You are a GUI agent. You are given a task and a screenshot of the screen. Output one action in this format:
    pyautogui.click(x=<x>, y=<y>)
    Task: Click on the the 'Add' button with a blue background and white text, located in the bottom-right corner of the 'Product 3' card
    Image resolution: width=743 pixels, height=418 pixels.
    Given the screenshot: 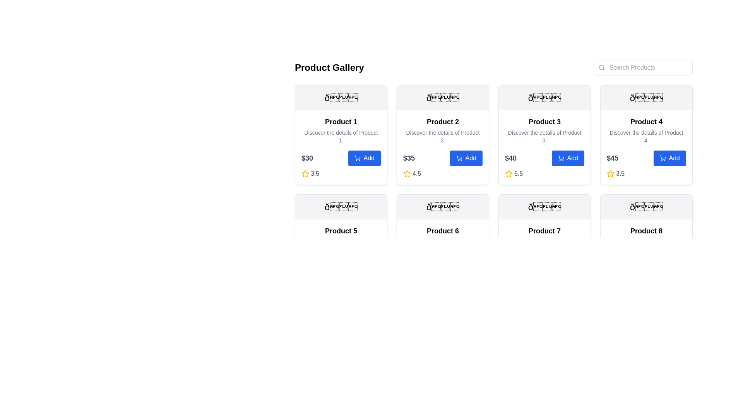 What is the action you would take?
    pyautogui.click(x=568, y=158)
    